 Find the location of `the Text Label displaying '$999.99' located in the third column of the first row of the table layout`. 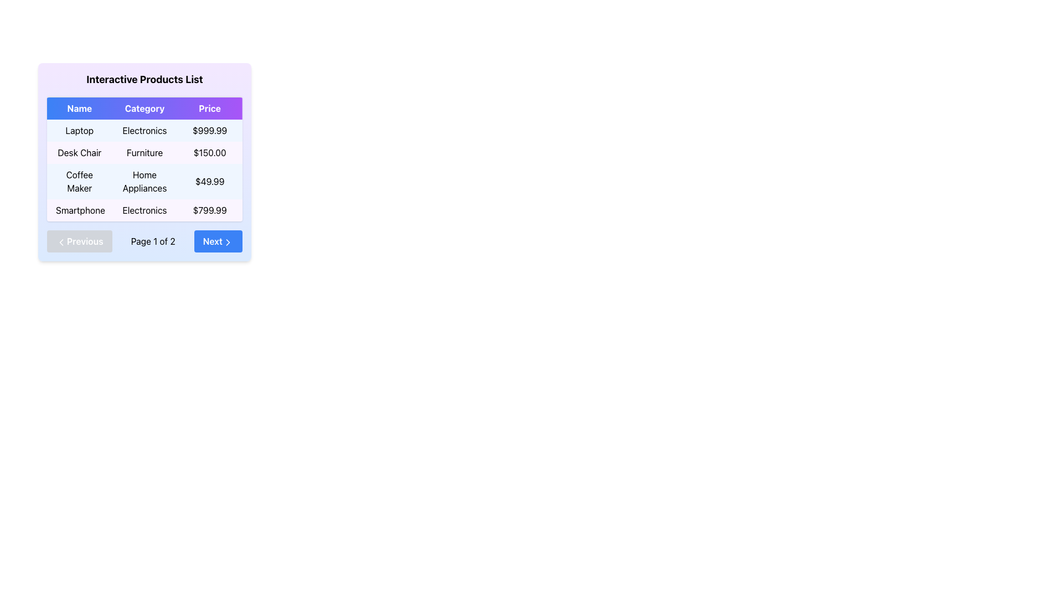

the Text Label displaying '$999.99' located in the third column of the first row of the table layout is located at coordinates (210, 130).